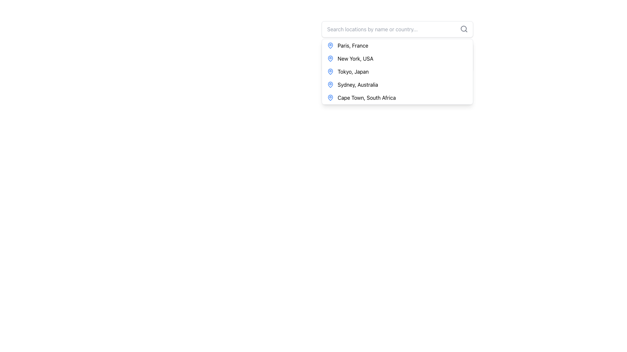  What do you see at coordinates (330, 59) in the screenshot?
I see `the blue map pin icon located to the left of the 'New York, USA' text` at bounding box center [330, 59].